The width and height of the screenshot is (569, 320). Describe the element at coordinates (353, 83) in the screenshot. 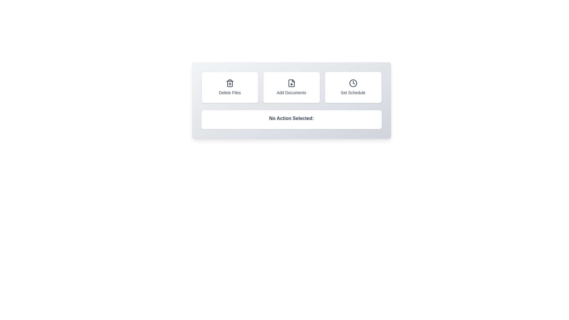

I see `the 'Set Schedule' icon which is the primary icon located within the button on the rightmost side of a three-button horizontal arrangement` at that location.